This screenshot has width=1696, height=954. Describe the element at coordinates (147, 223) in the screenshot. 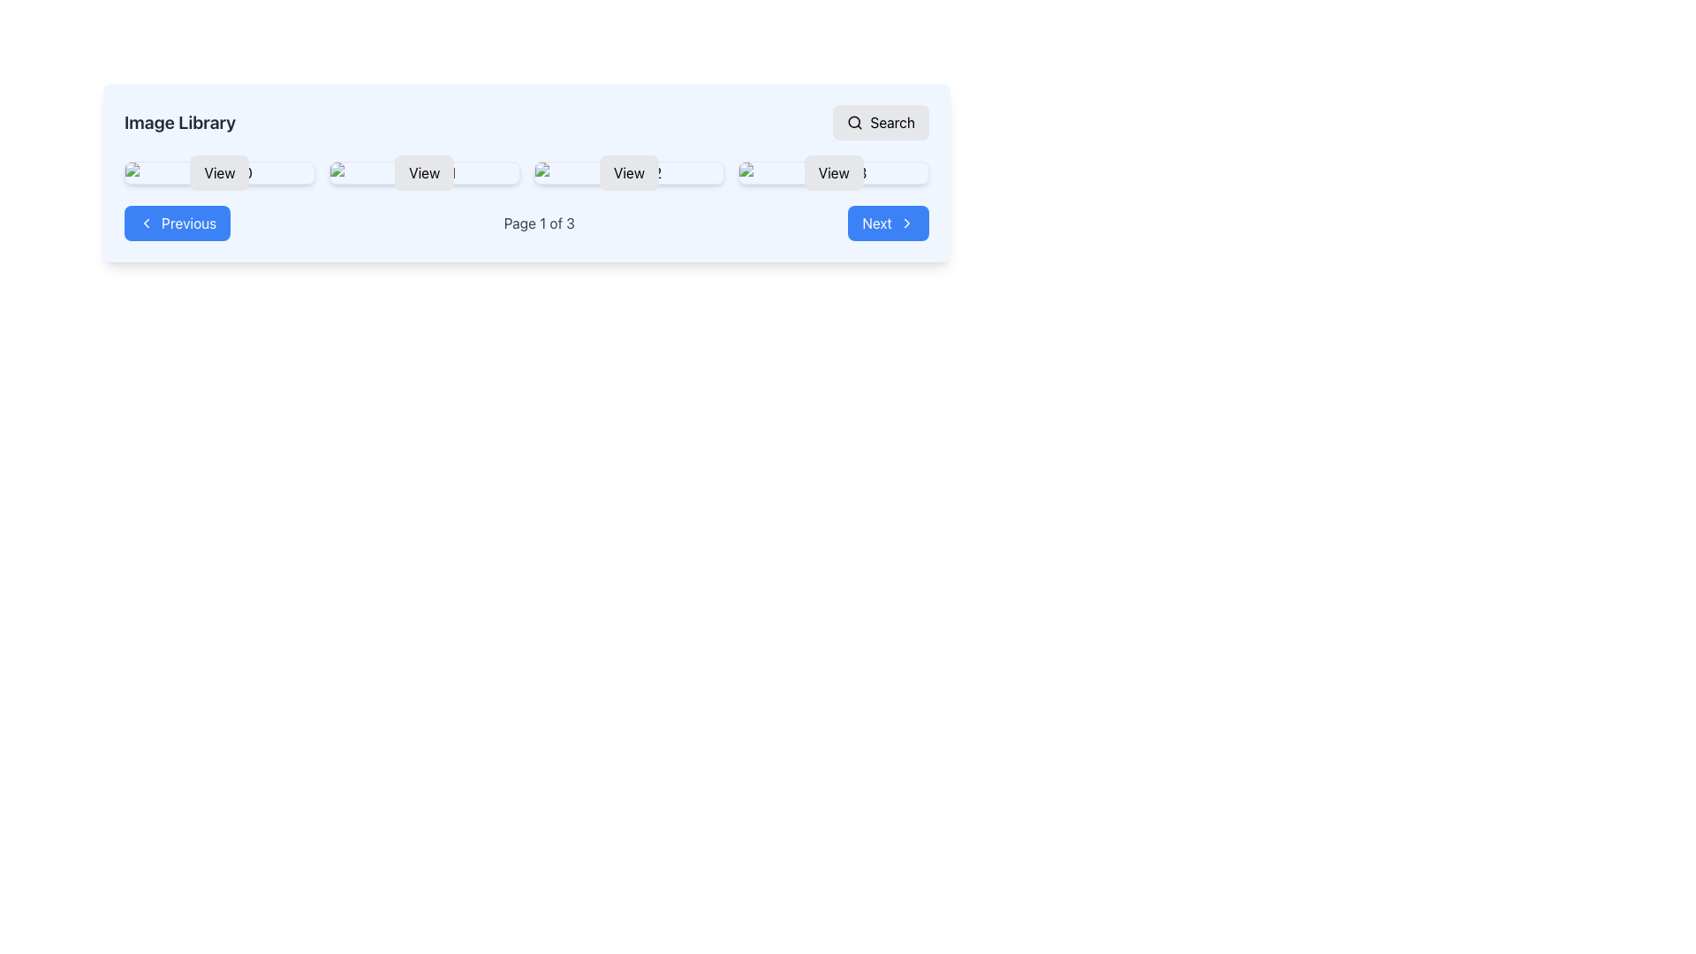

I see `the chevron icon within the blue button labeled 'Previous'` at that location.